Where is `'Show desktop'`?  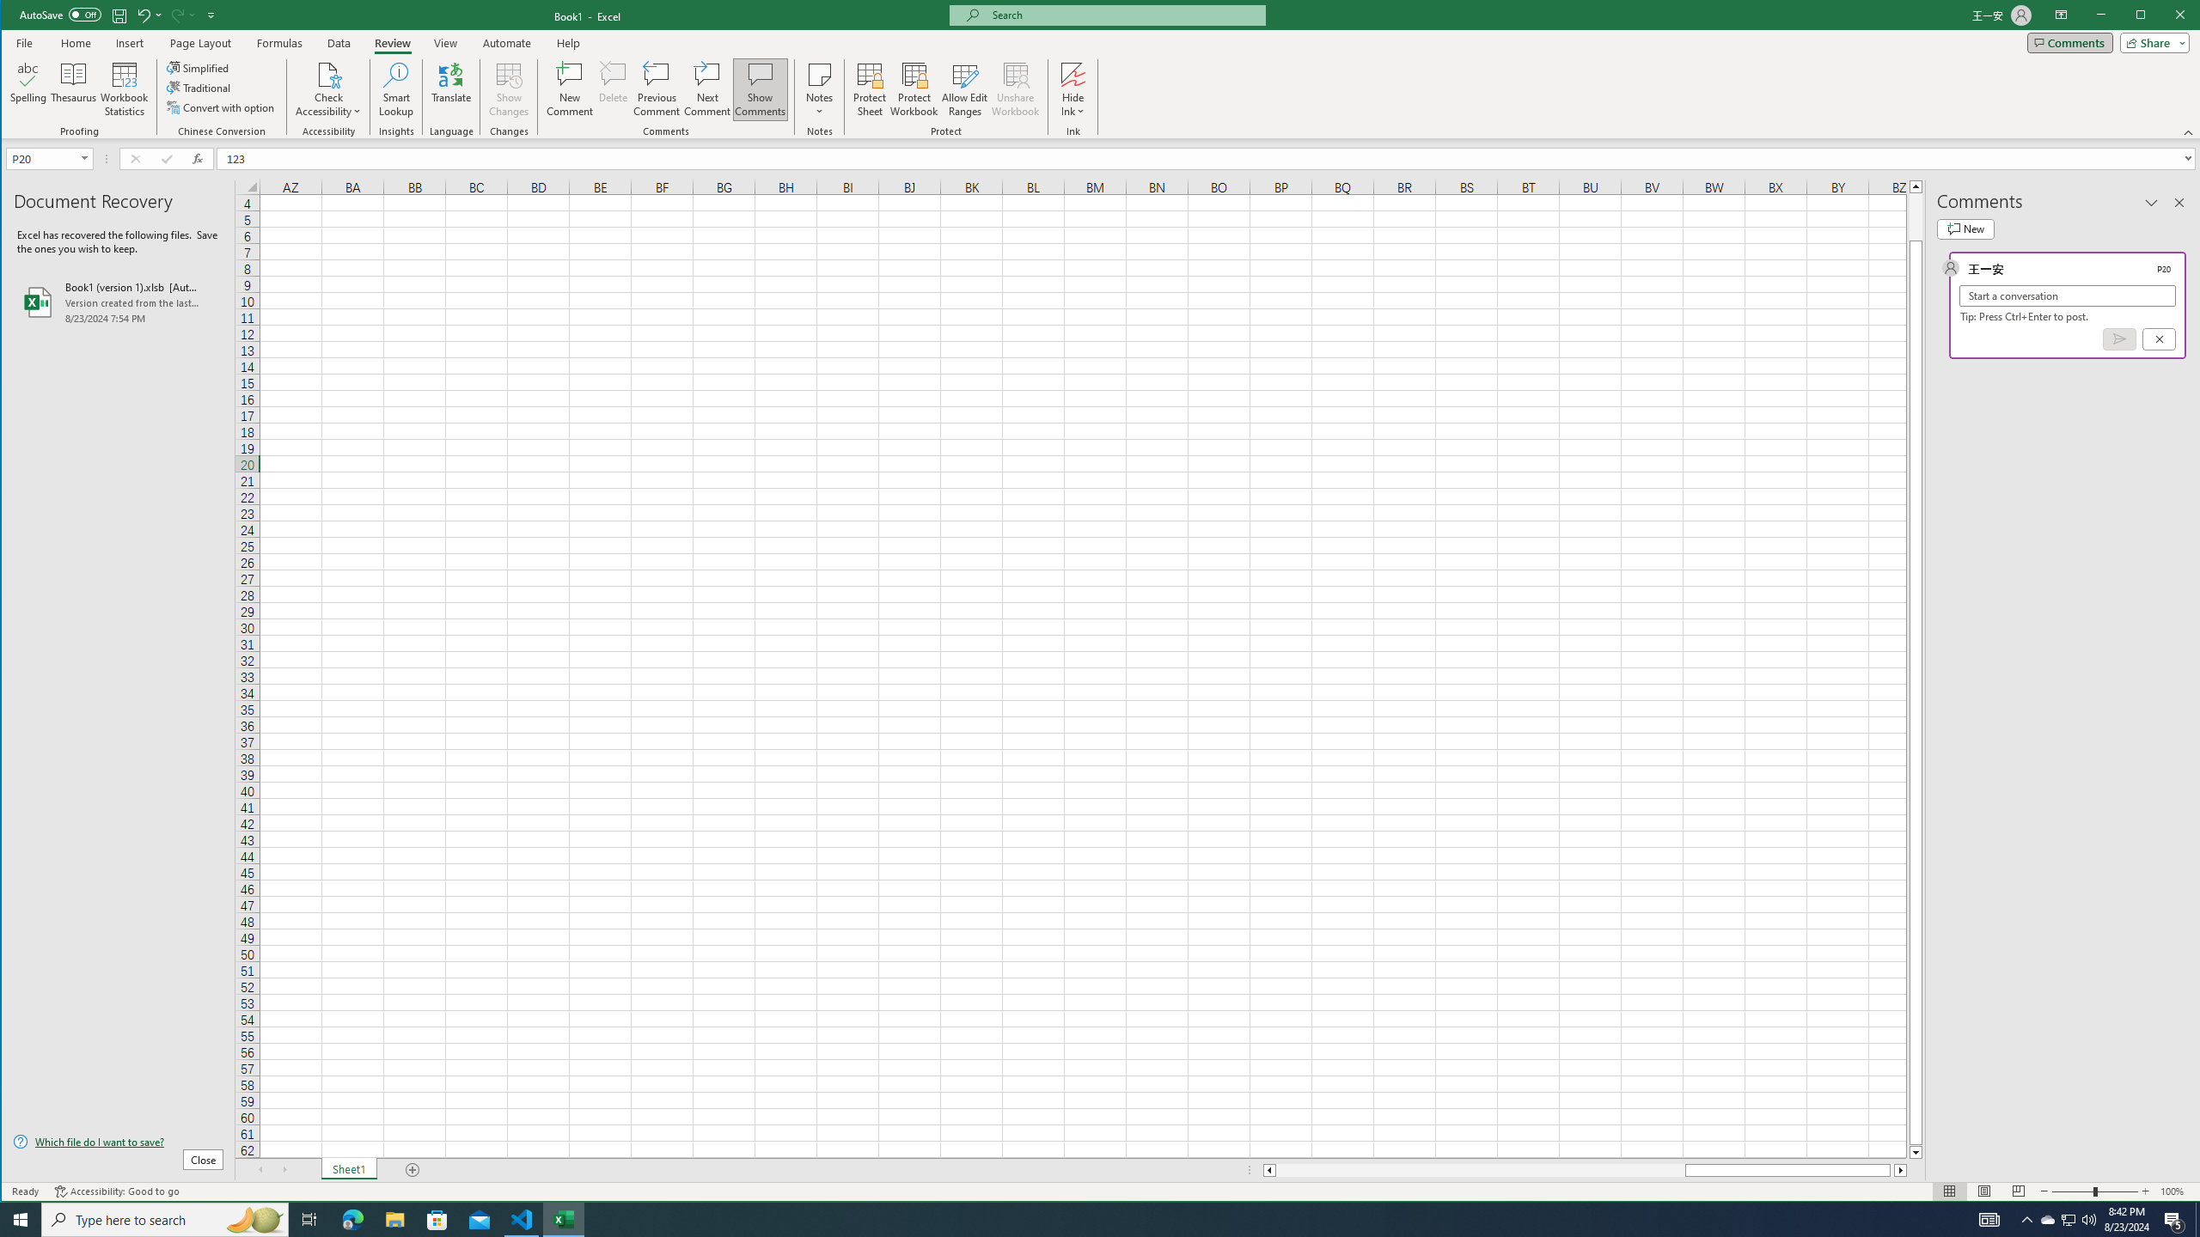
'Show desktop' is located at coordinates (2197, 1218).